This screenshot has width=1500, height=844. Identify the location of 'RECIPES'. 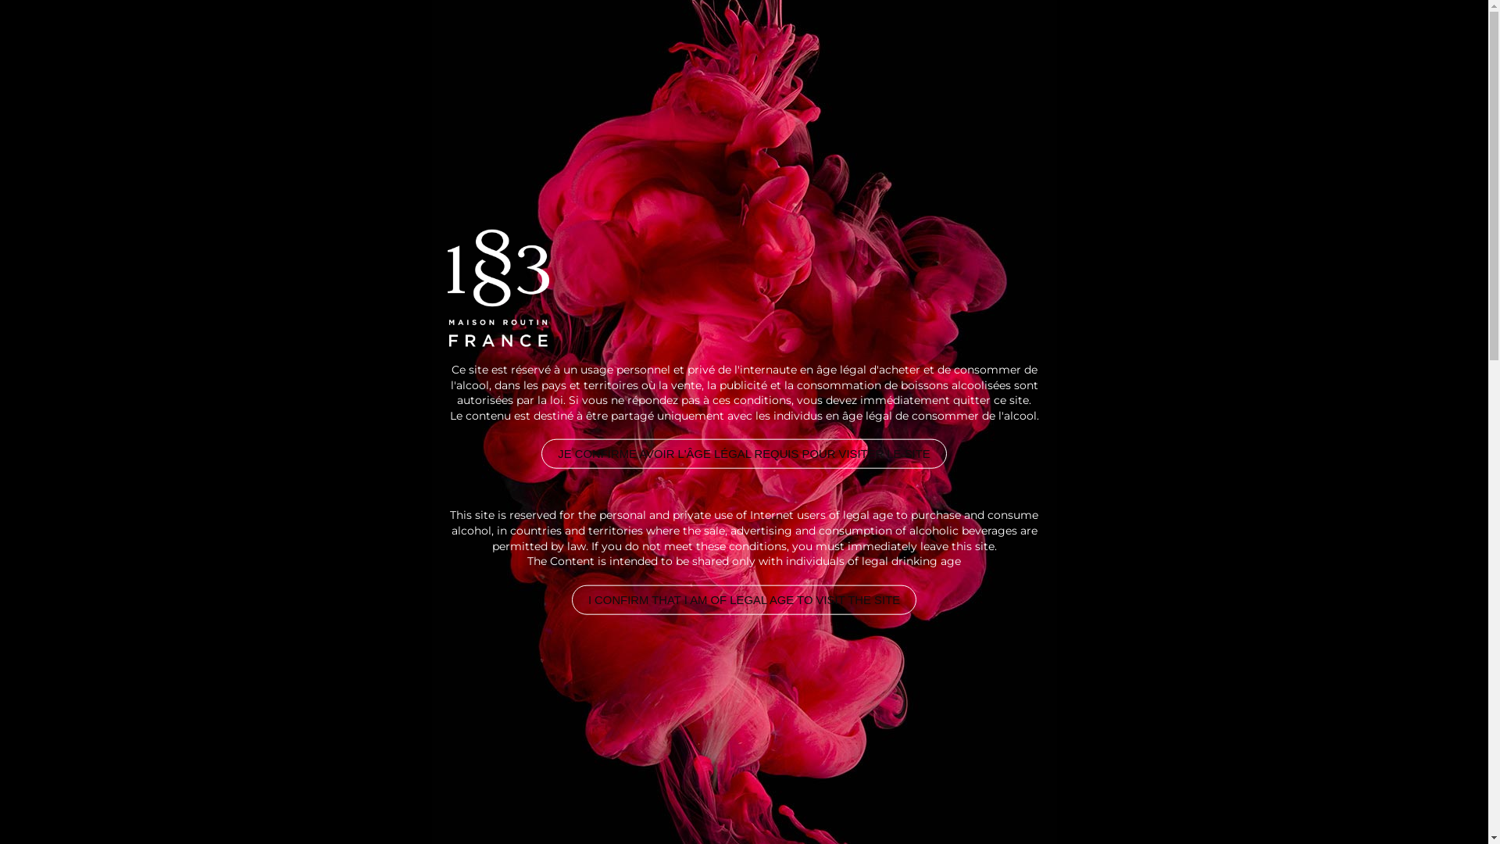
(962, 63).